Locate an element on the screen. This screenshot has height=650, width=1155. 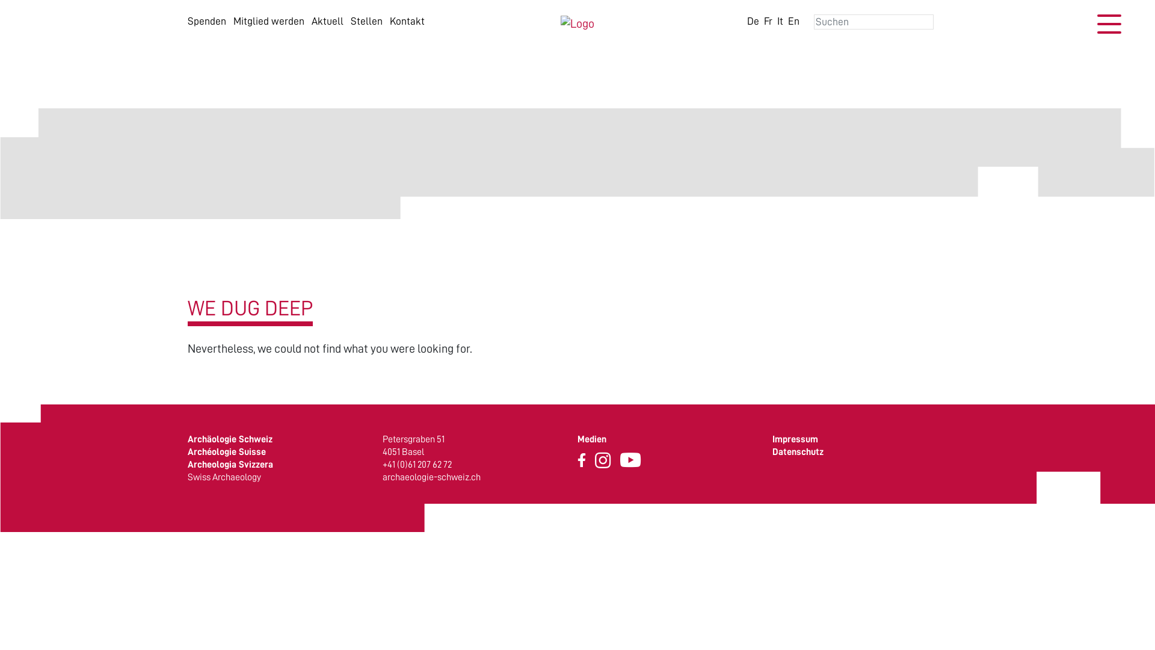
'Fr' is located at coordinates (767, 20).